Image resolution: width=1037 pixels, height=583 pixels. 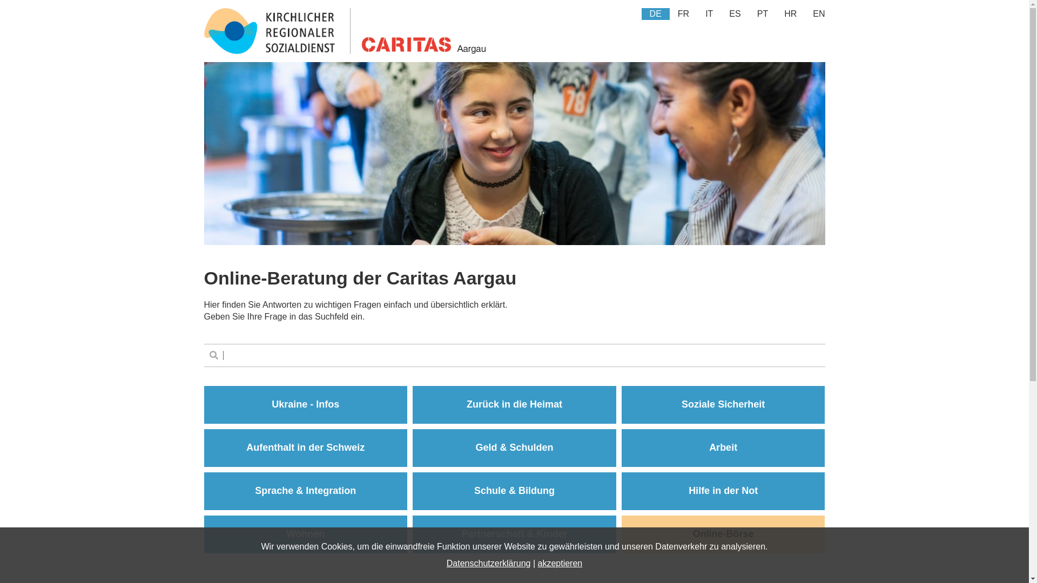 I want to click on 'Ukraine - Infos', so click(x=305, y=404).